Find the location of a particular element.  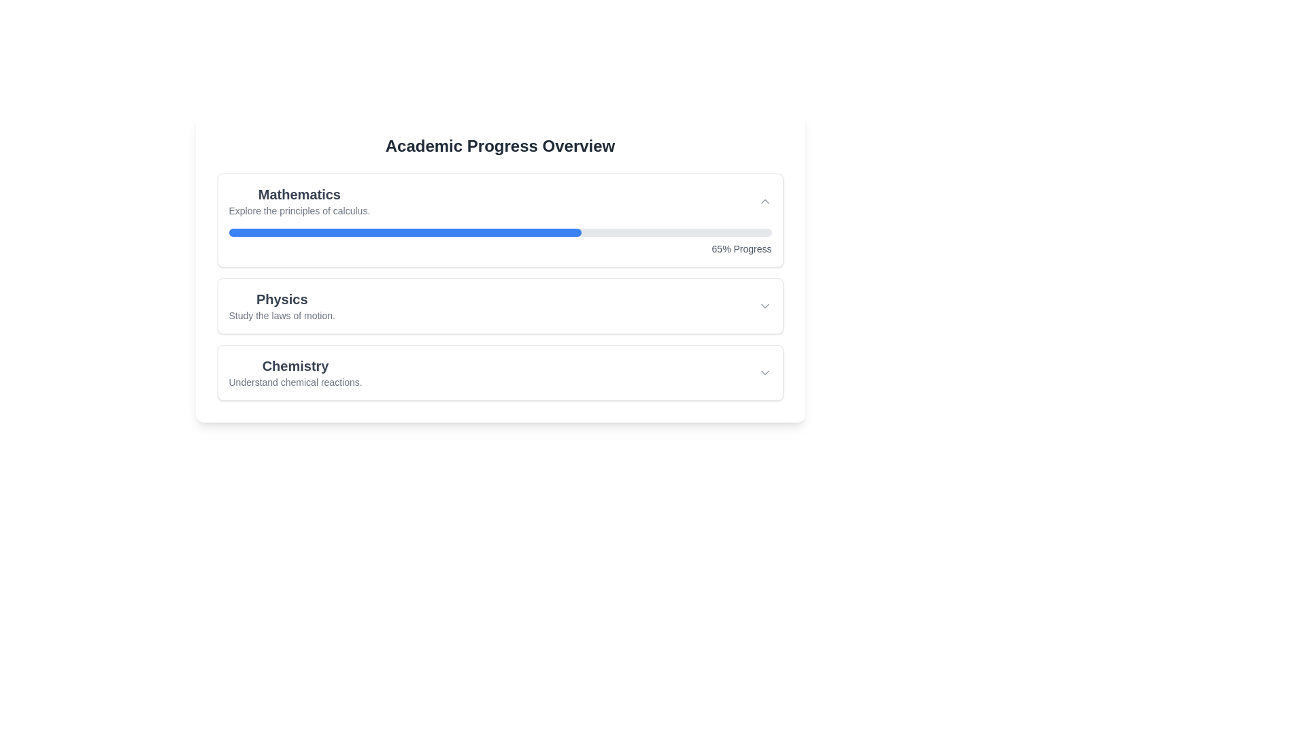

the Label or Heading located at the top of the first card in the 'Academic Progress Overview', which indicates the subject of the content below it is located at coordinates (299, 194).